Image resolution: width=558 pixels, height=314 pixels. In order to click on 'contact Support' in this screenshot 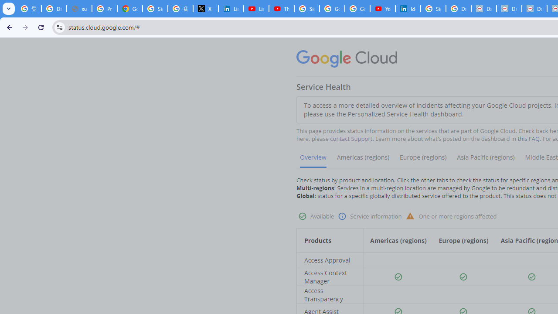, I will do `click(351, 138)`.